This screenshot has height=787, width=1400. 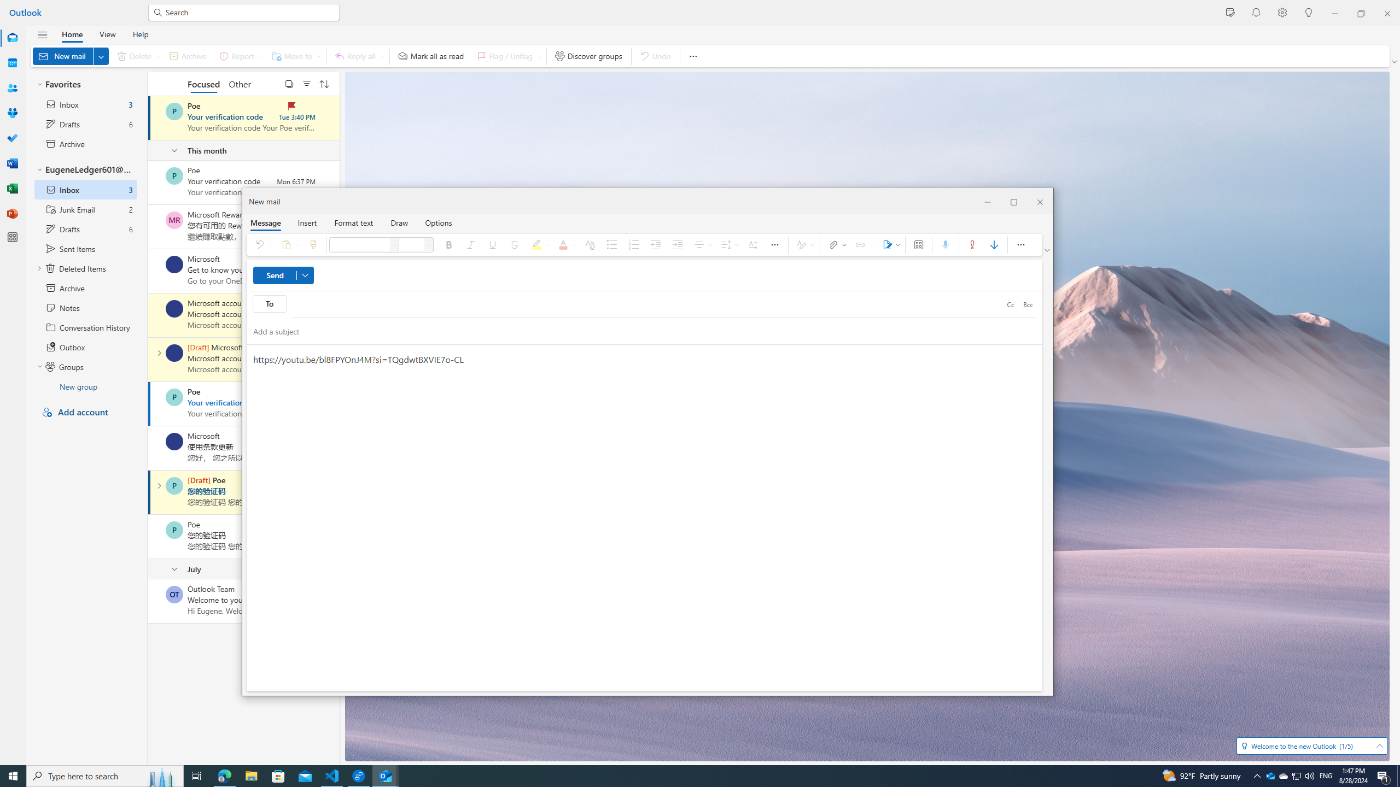 What do you see at coordinates (514, 244) in the screenshot?
I see `'Strikethrough'` at bounding box center [514, 244].